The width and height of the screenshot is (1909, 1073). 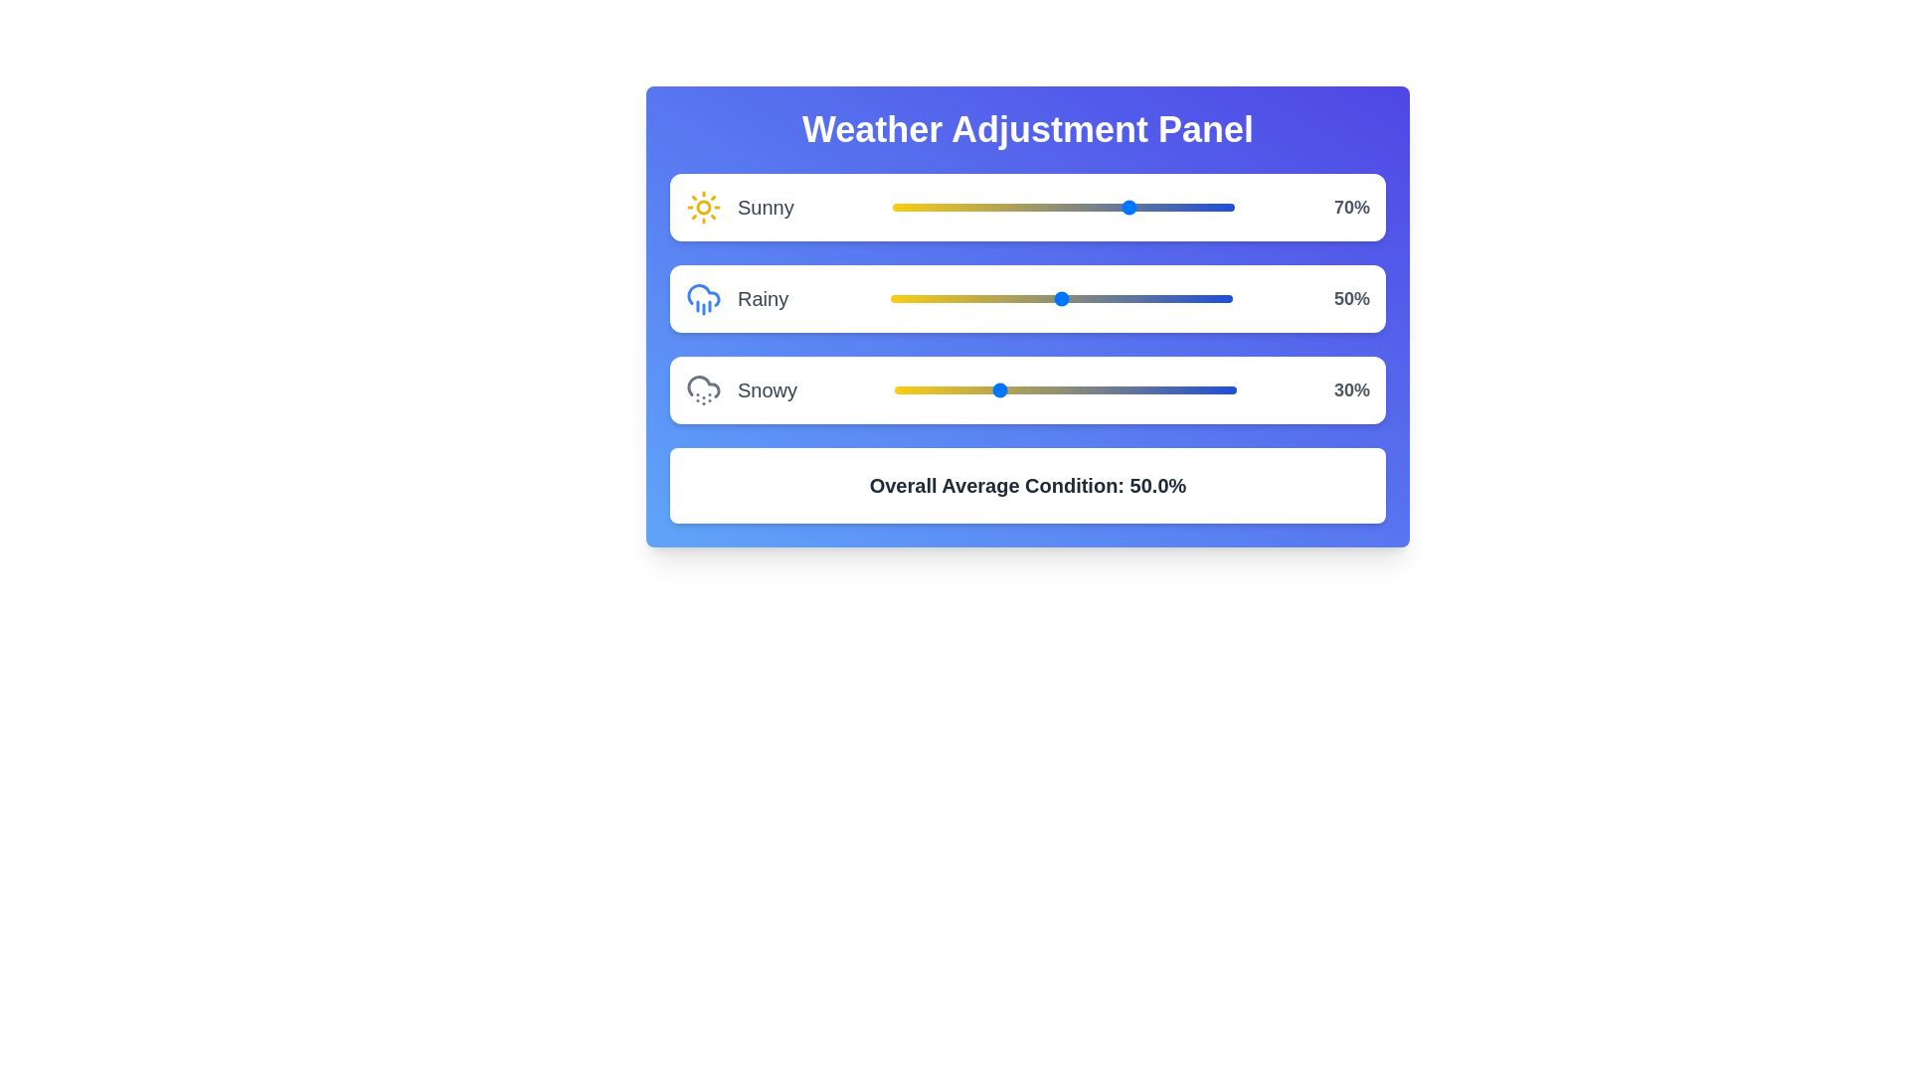 What do you see at coordinates (1173, 298) in the screenshot?
I see `the 'Rainy' slider` at bounding box center [1173, 298].